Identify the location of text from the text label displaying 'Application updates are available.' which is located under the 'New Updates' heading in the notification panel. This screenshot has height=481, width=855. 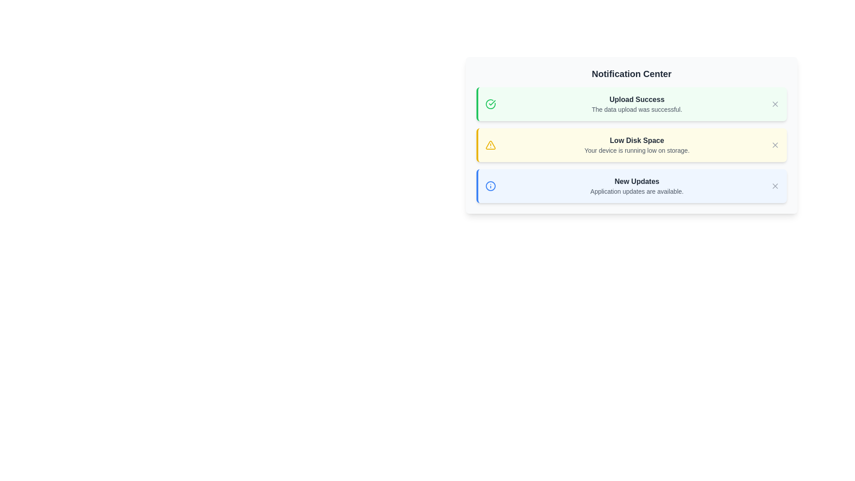
(636, 191).